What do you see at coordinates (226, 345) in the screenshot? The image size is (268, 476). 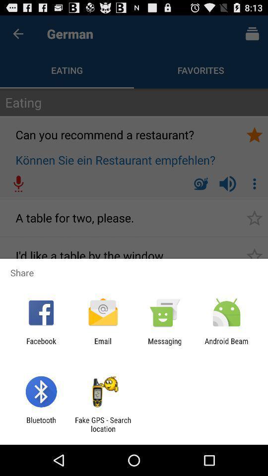 I see `the icon to the right of the messaging` at bounding box center [226, 345].